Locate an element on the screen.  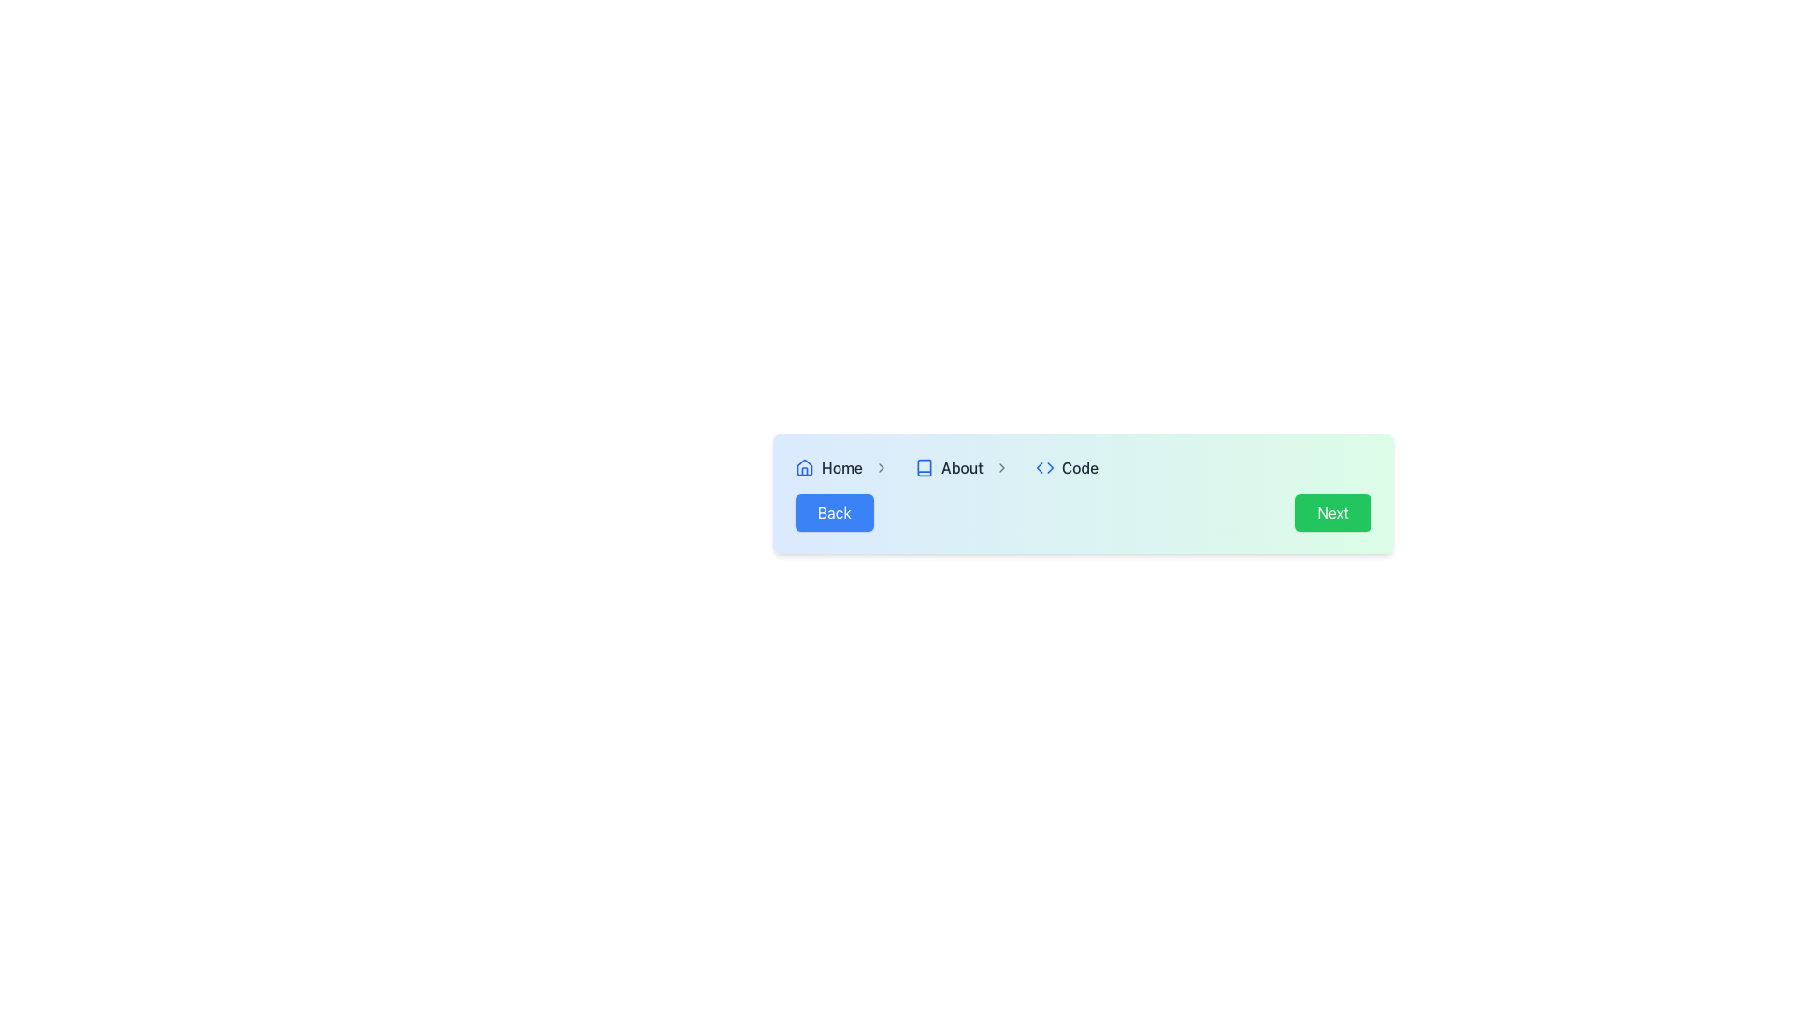
the small blue icon resembling angle brackets located next to the 'Code' text link in the horizontal navigation bar is located at coordinates (1043, 467).